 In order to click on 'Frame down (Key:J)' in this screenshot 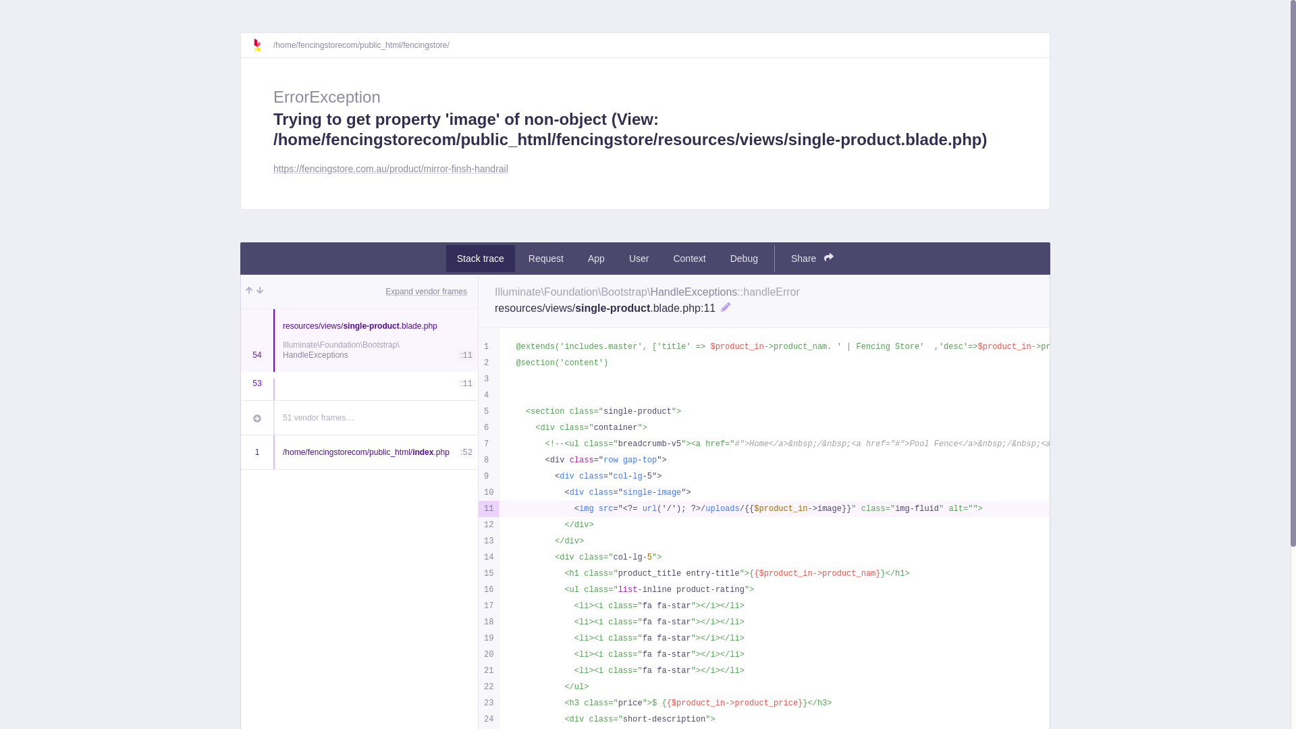, I will do `click(259, 291)`.